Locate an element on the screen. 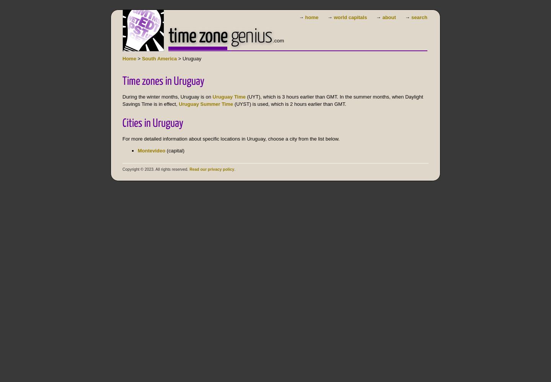  'home' is located at coordinates (311, 17).